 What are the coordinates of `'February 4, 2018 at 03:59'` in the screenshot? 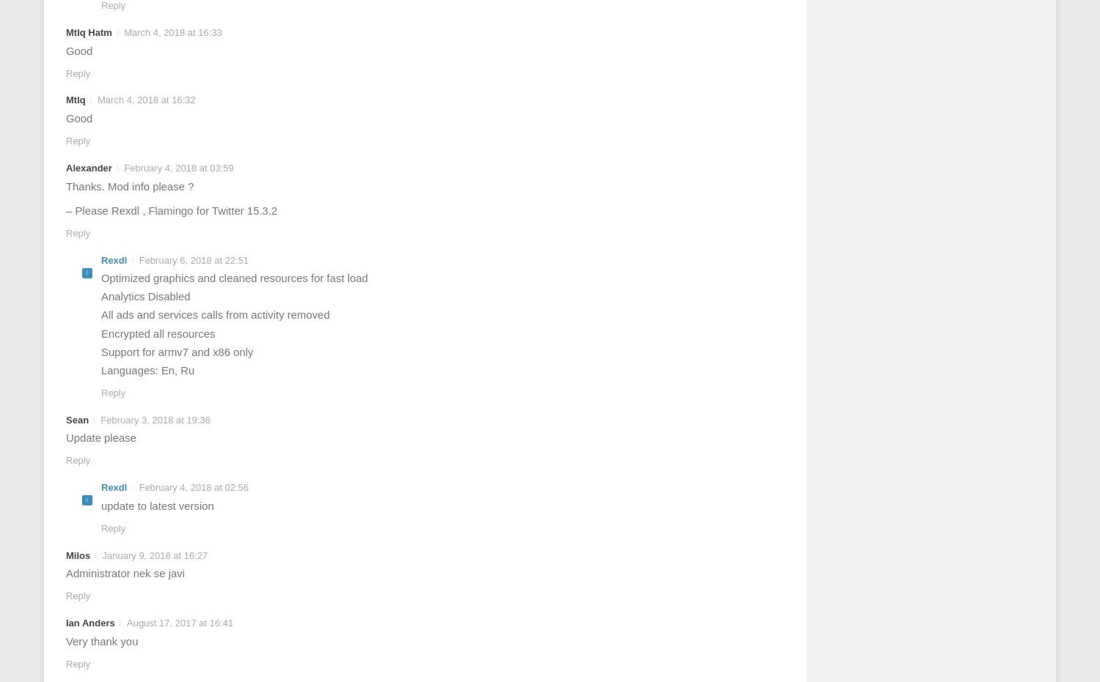 It's located at (124, 167).